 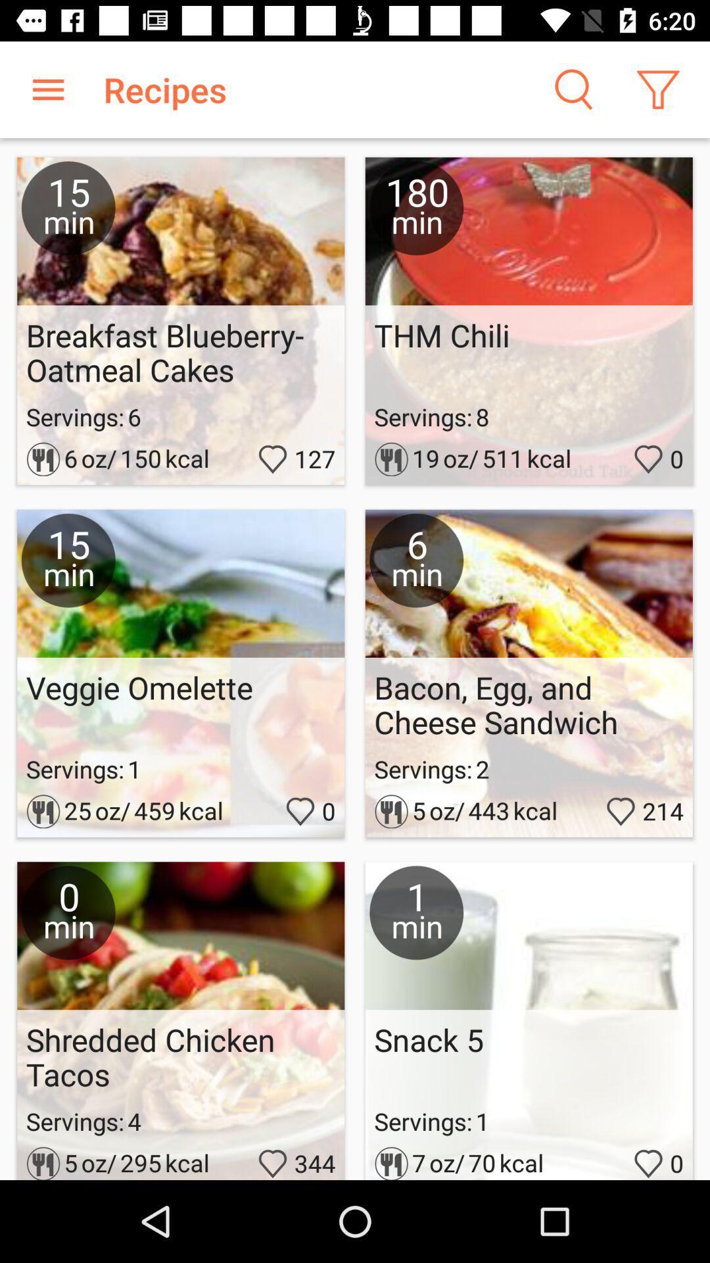 What do you see at coordinates (47, 89) in the screenshot?
I see `the item next to the recipes app` at bounding box center [47, 89].